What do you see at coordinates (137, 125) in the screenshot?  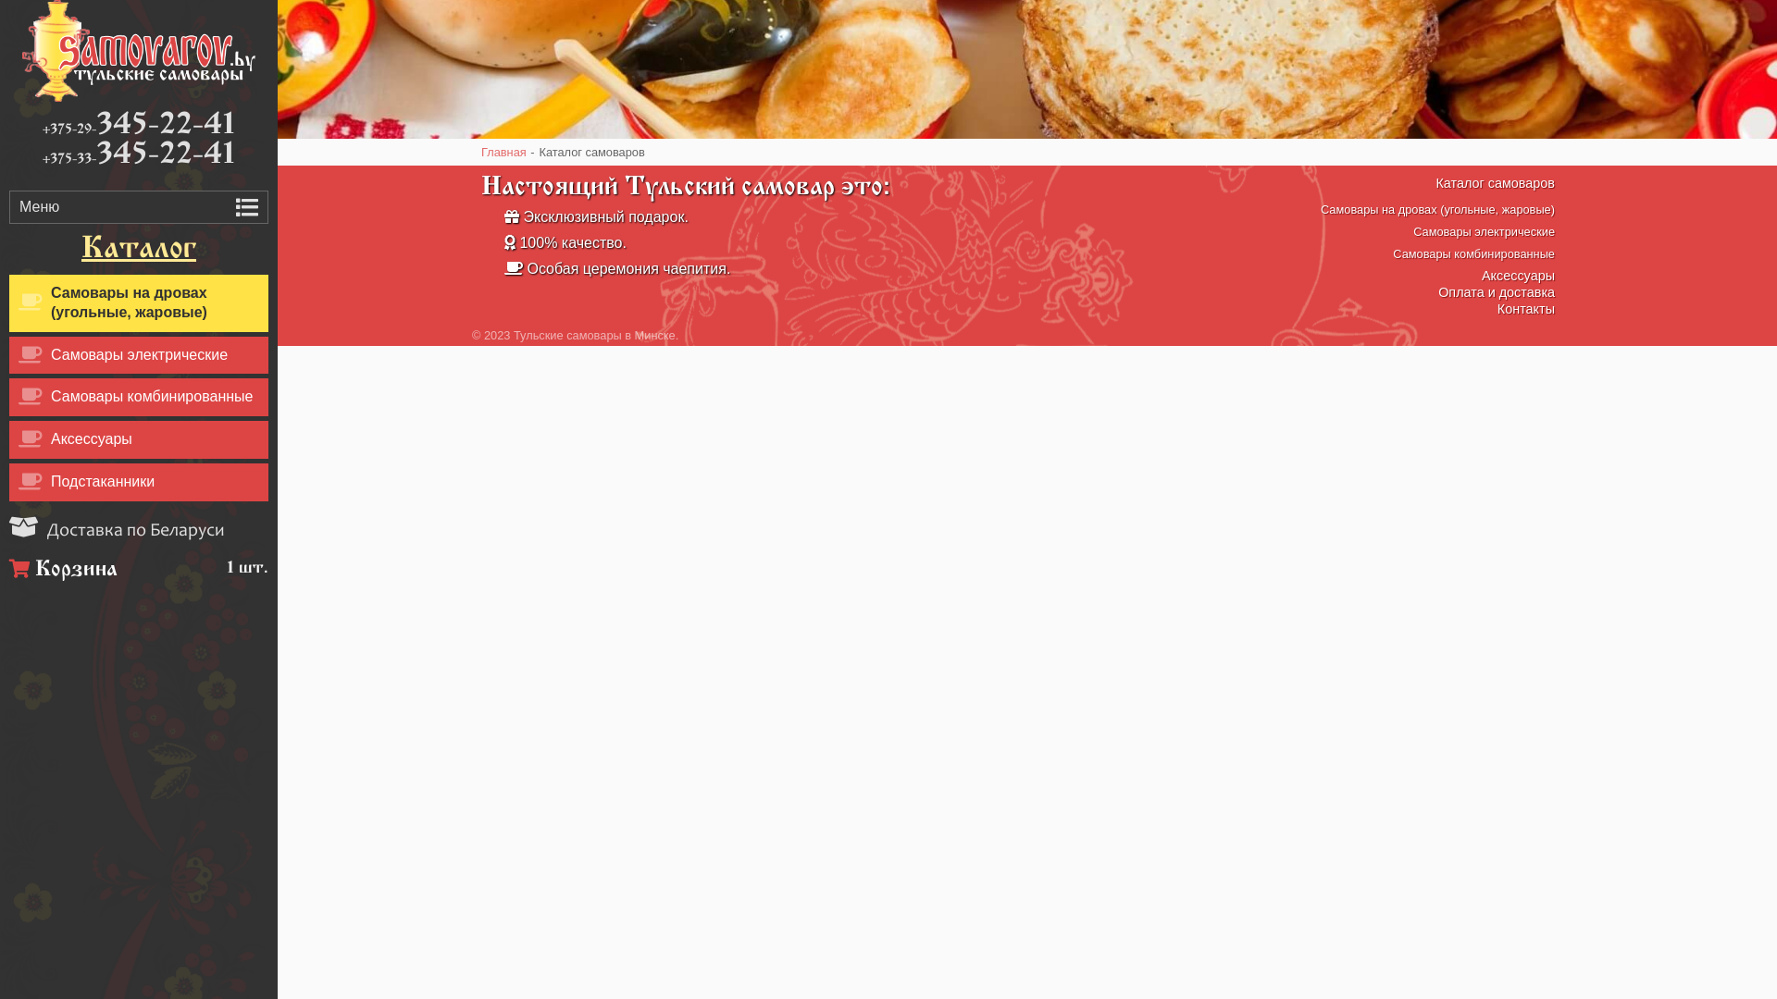 I see `'+375-29-345-22-41'` at bounding box center [137, 125].